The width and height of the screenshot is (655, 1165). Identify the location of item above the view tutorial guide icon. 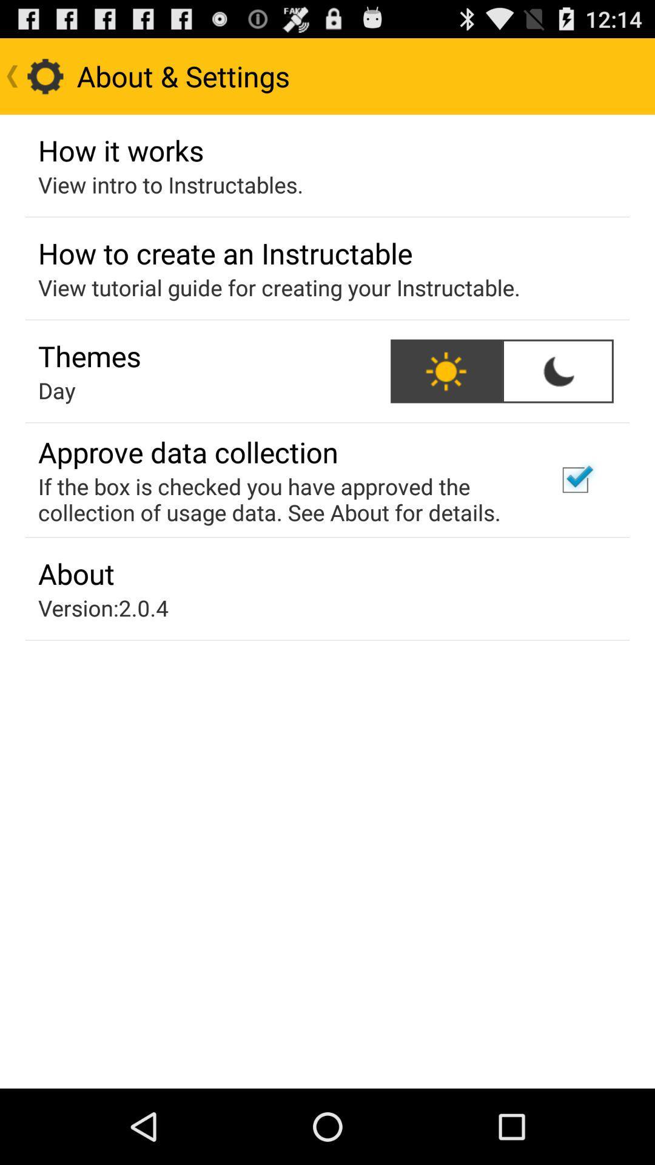
(225, 252).